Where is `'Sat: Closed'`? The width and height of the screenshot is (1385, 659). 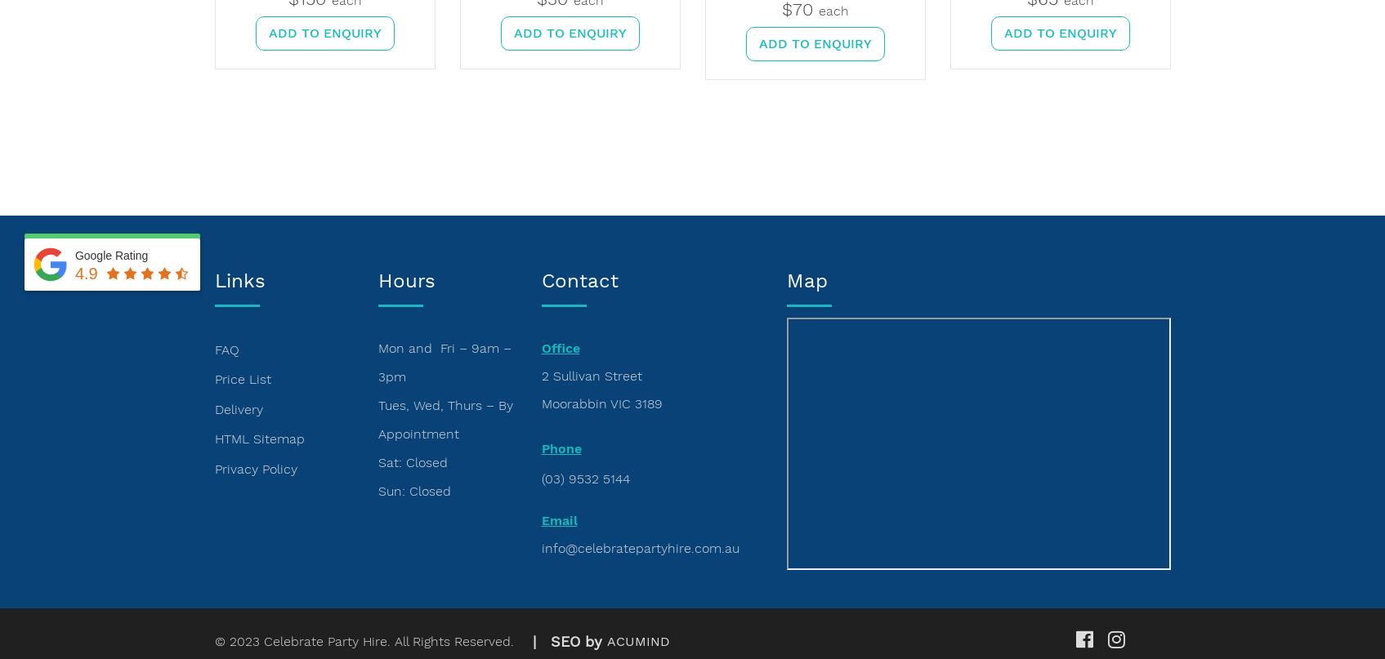
'Sat: Closed' is located at coordinates (411, 461).